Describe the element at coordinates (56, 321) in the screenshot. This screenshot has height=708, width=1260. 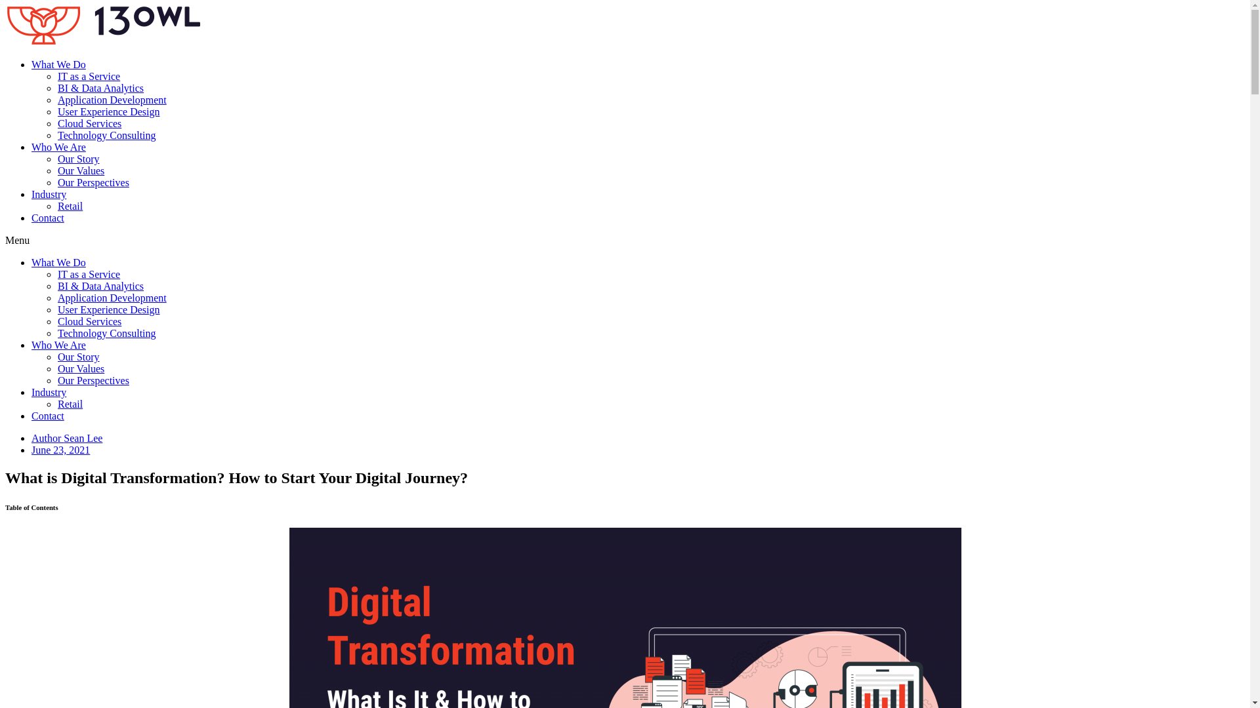
I see `'Cloud Services'` at that location.